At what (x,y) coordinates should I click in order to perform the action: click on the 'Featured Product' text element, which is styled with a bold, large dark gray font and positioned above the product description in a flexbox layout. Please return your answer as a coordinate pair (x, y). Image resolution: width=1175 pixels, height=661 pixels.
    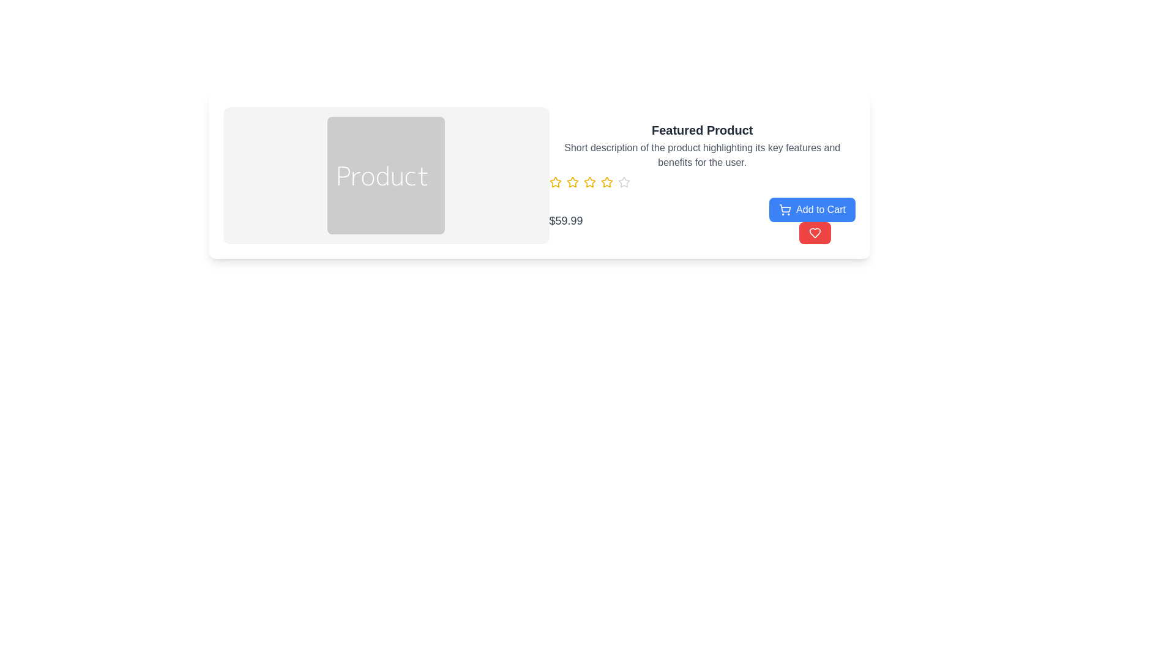
    Looking at the image, I should click on (702, 130).